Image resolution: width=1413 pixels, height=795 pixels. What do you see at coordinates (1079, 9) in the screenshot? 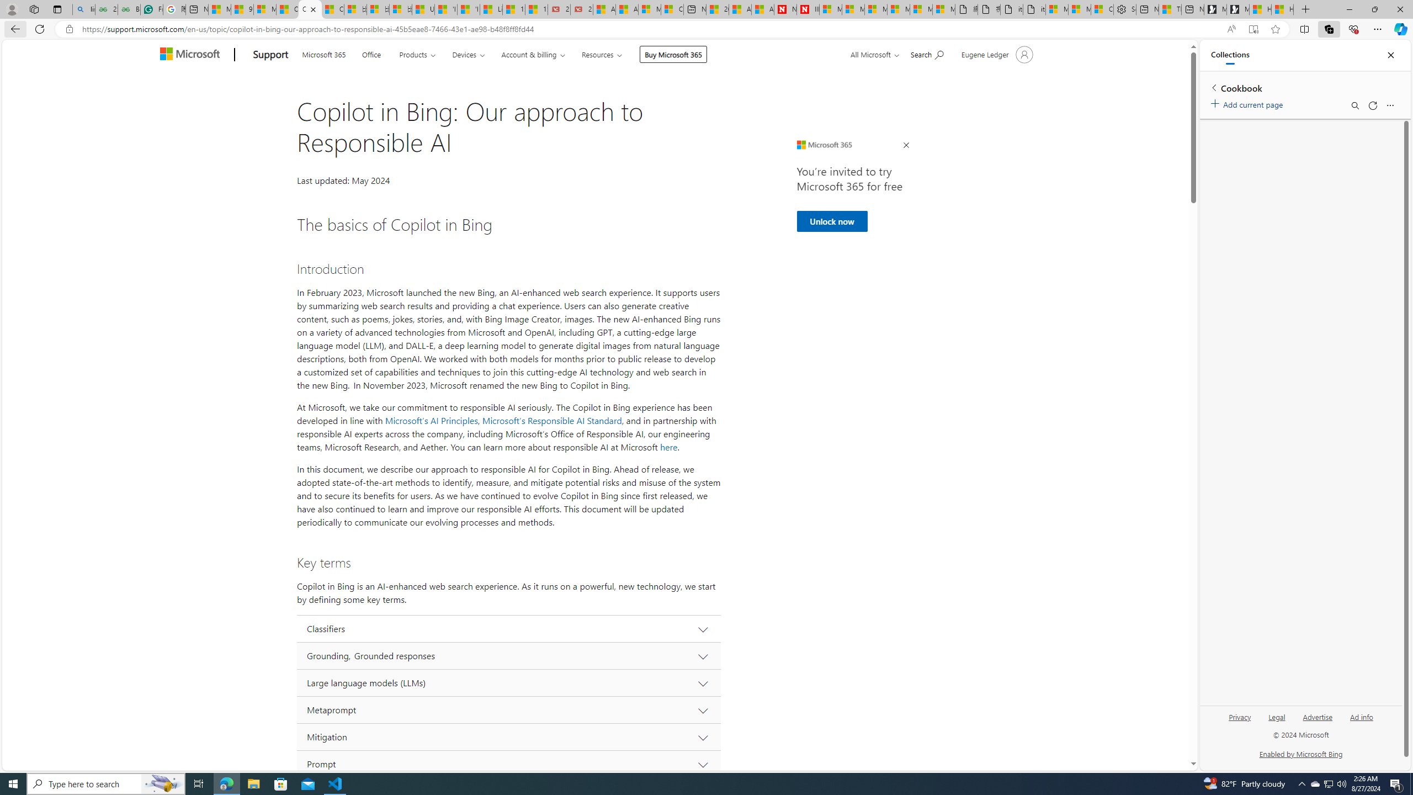
I see `'Microsoft account | Privacy'` at bounding box center [1079, 9].